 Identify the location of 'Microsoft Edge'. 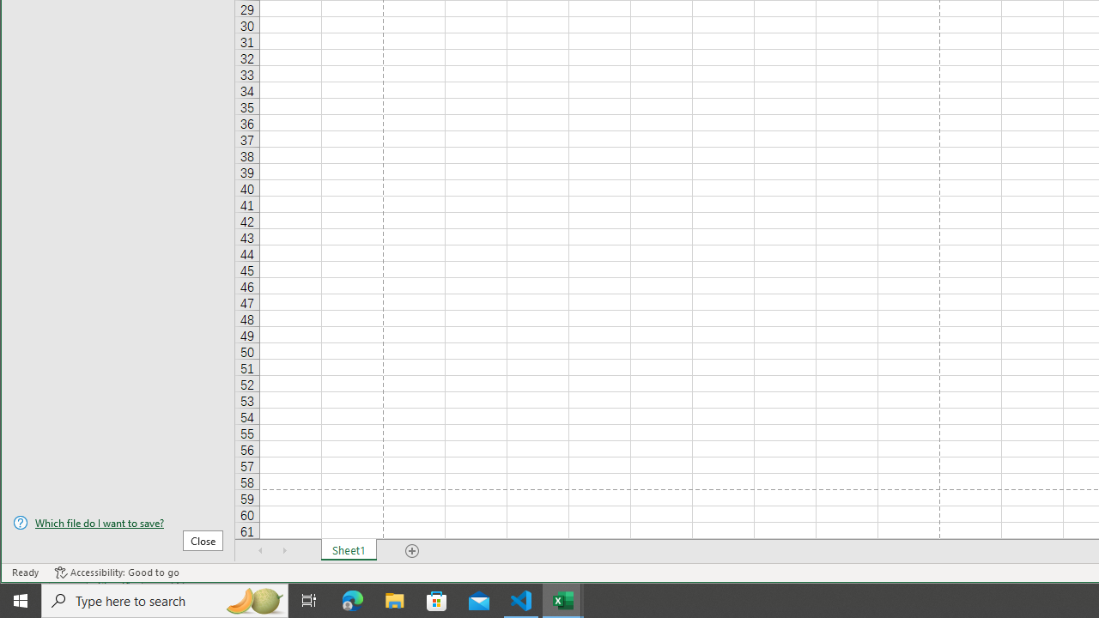
(352, 599).